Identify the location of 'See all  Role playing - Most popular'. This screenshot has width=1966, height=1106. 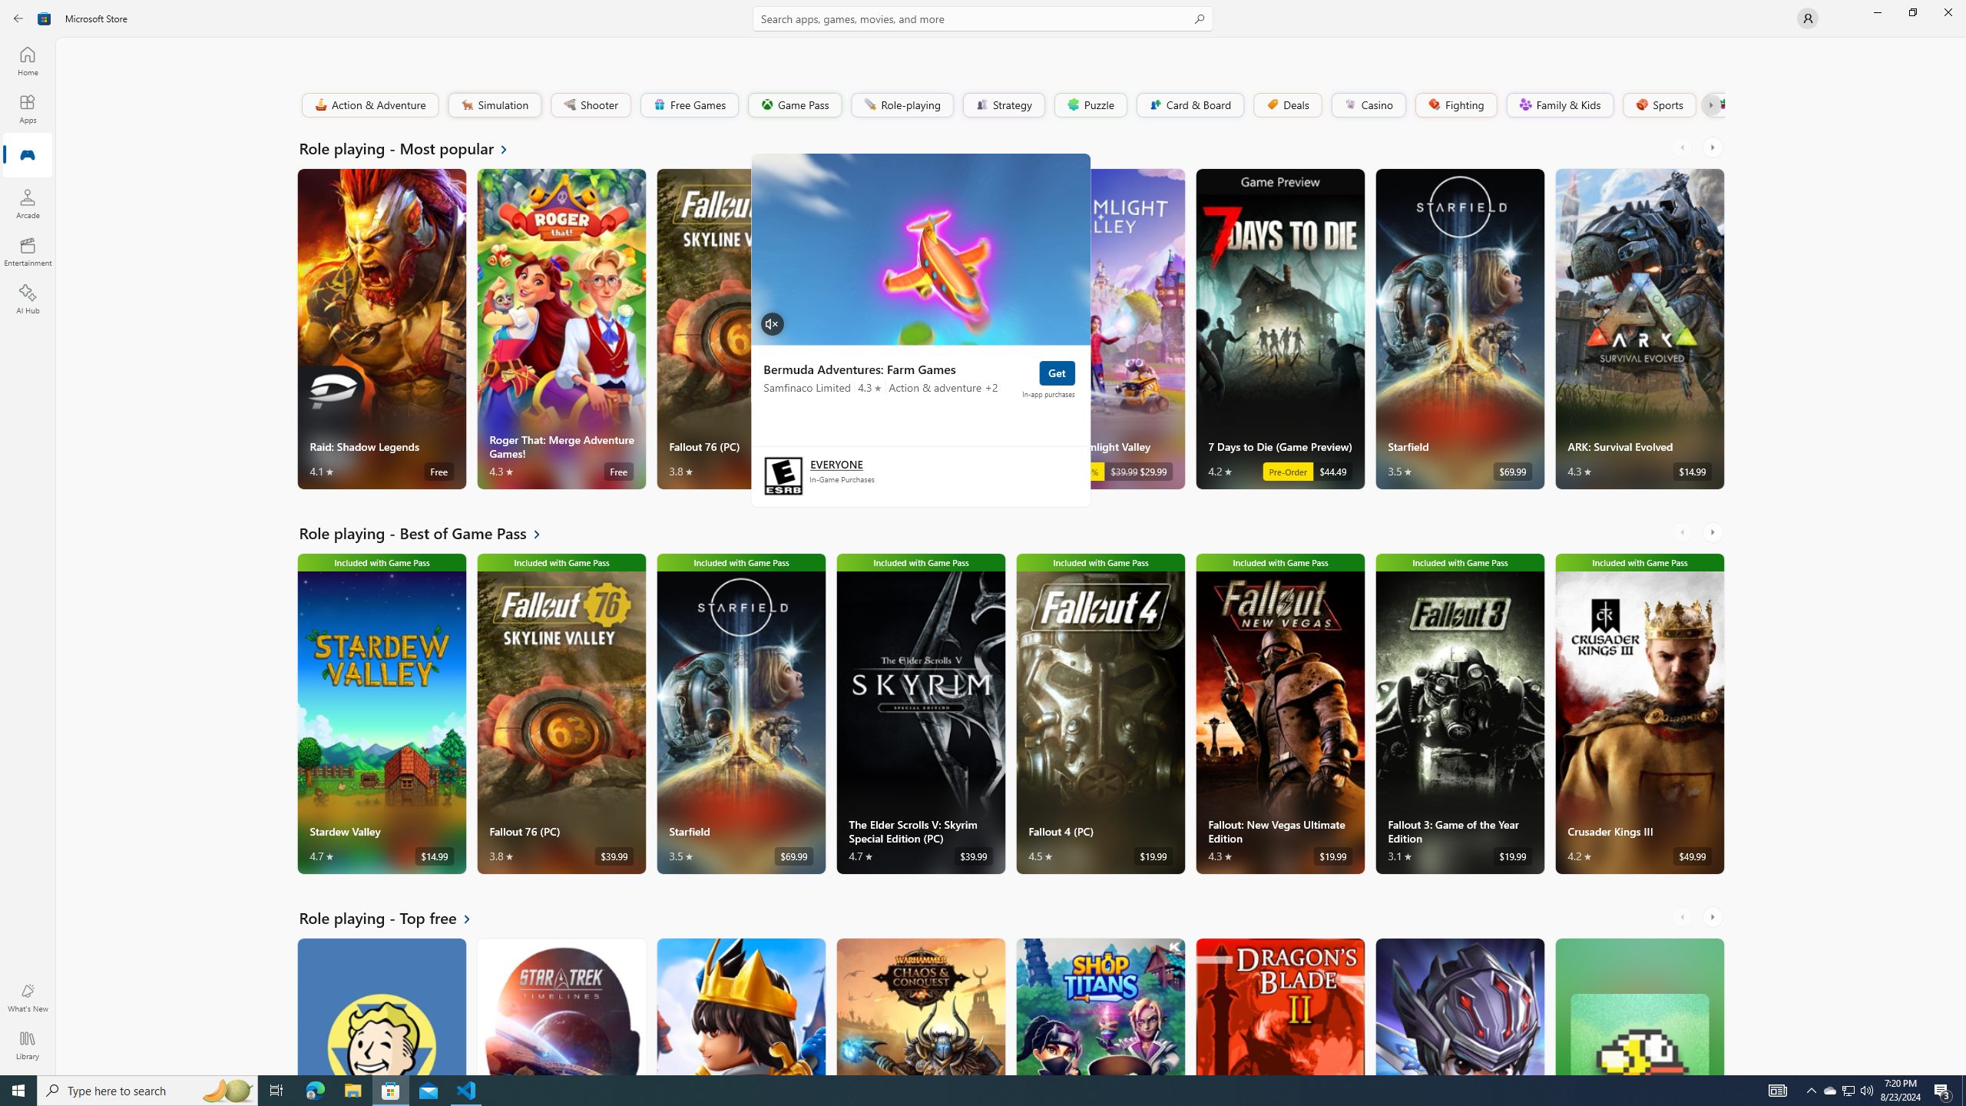
(412, 147).